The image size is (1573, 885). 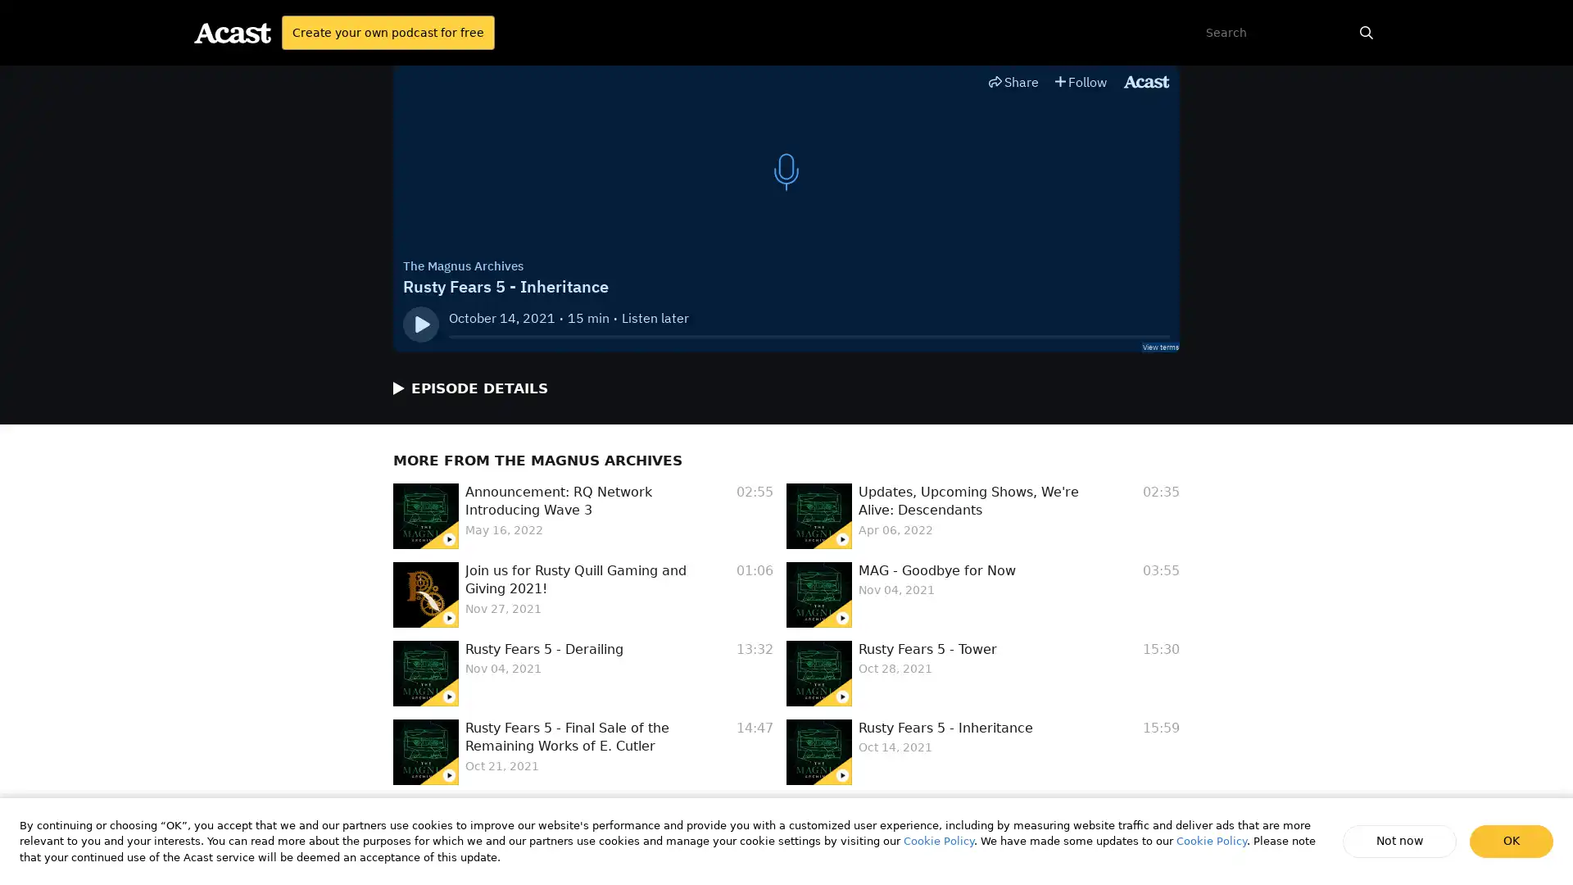 I want to click on OK, so click(x=1511, y=841).